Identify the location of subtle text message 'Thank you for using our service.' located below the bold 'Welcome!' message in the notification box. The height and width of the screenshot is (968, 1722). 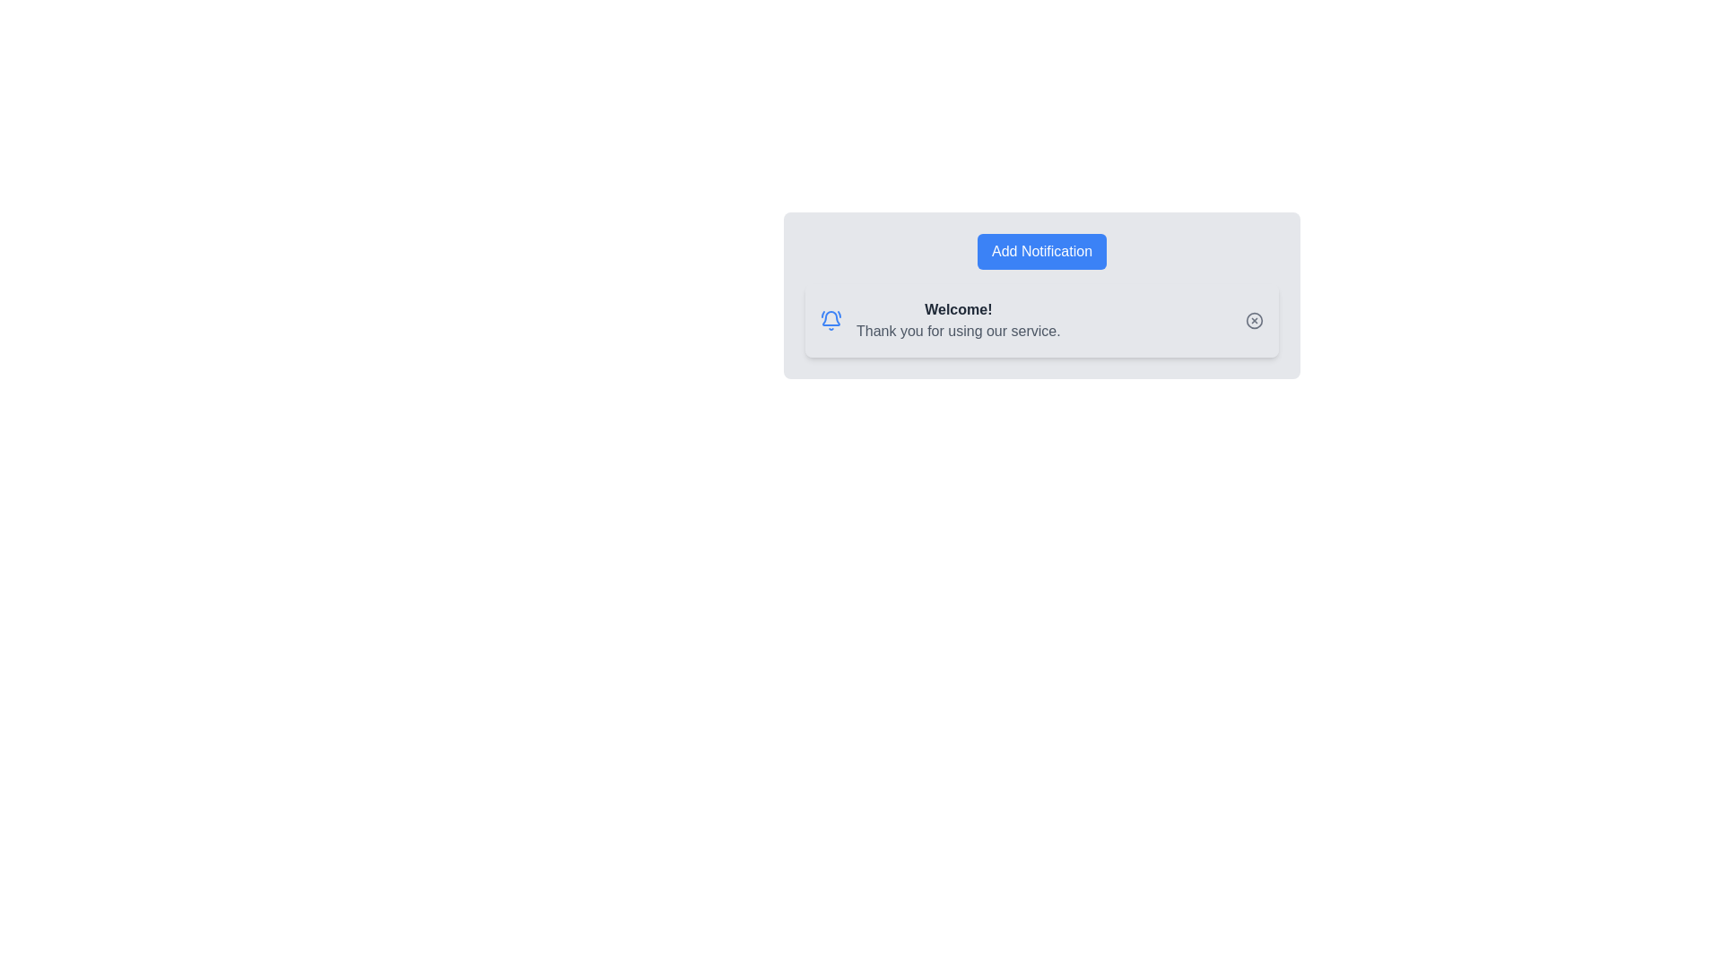
(957, 332).